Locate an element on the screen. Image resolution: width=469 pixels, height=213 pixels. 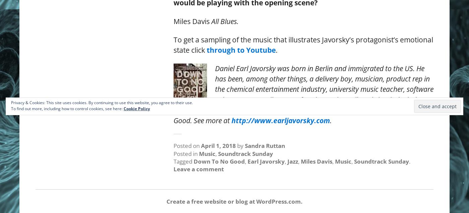
'Create a free website or blog at WordPress.com.' is located at coordinates (166, 201).